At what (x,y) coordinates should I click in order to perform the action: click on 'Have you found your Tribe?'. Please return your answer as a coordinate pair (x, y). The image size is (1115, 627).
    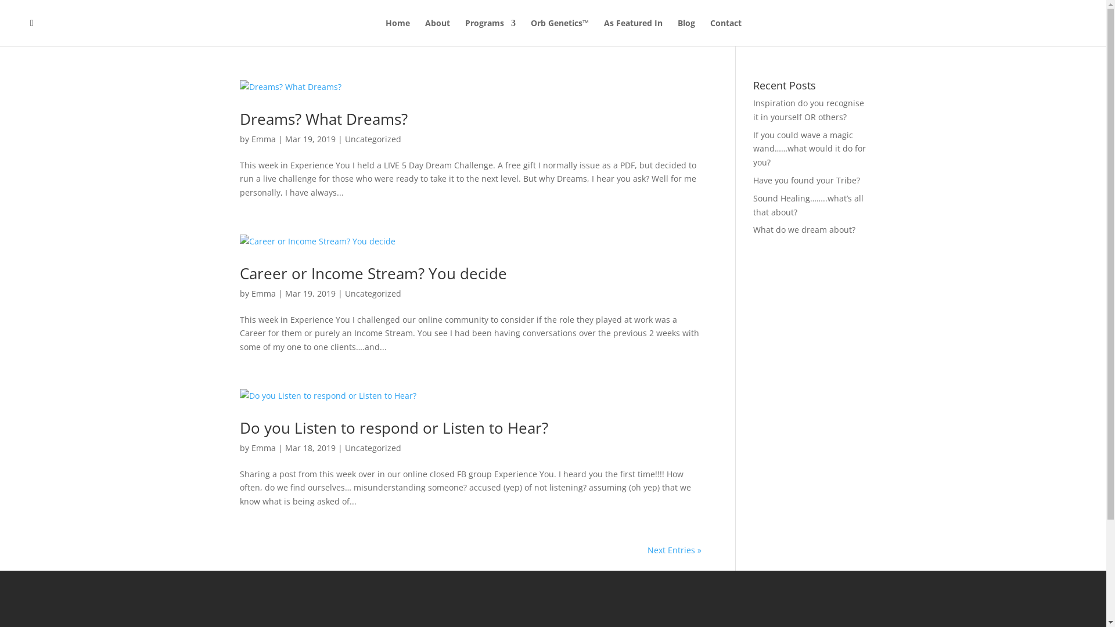
    Looking at the image, I should click on (753, 180).